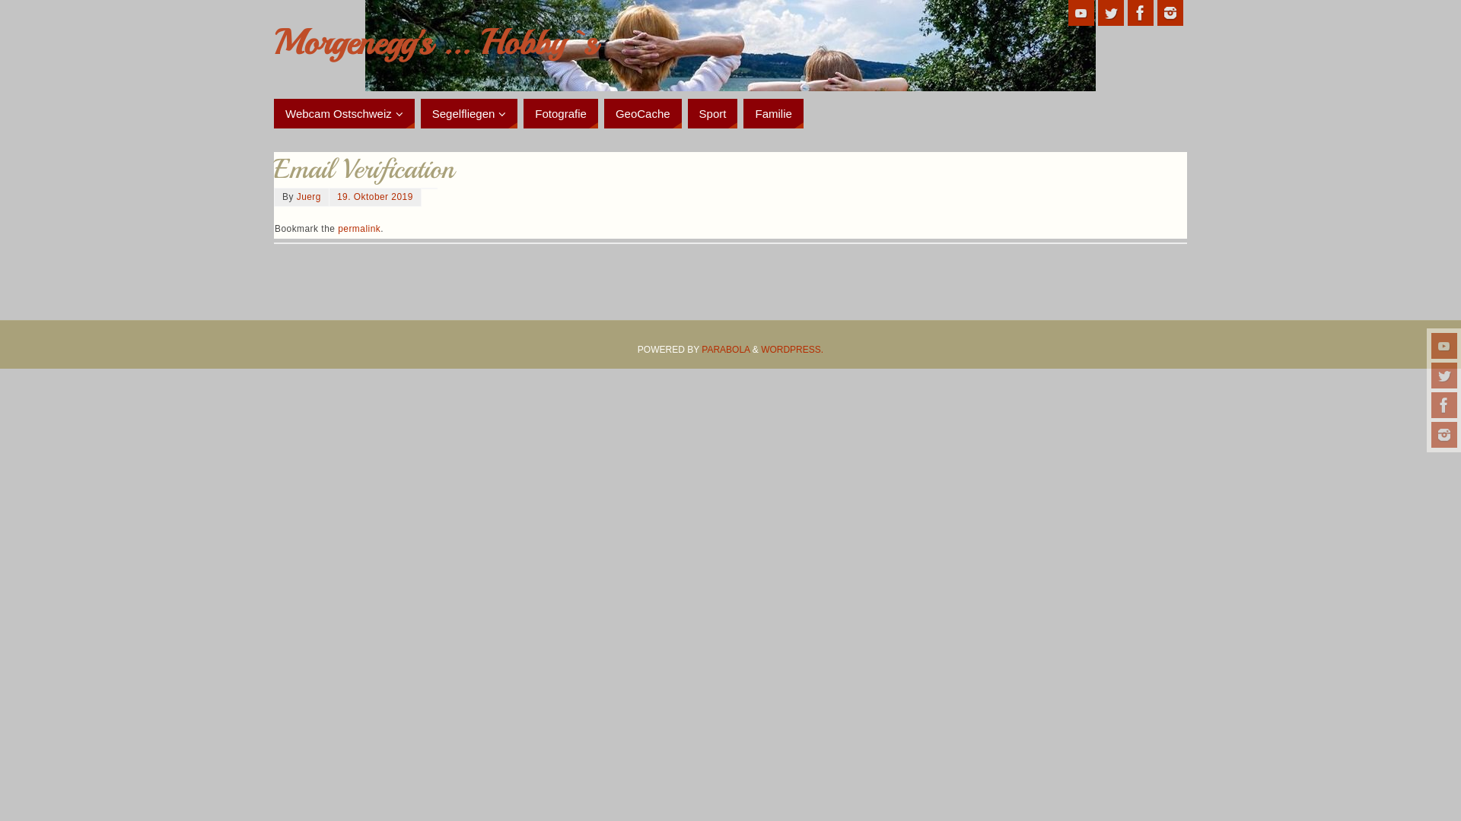  Describe the element at coordinates (1140, 12) in the screenshot. I see `'Facebook'` at that location.